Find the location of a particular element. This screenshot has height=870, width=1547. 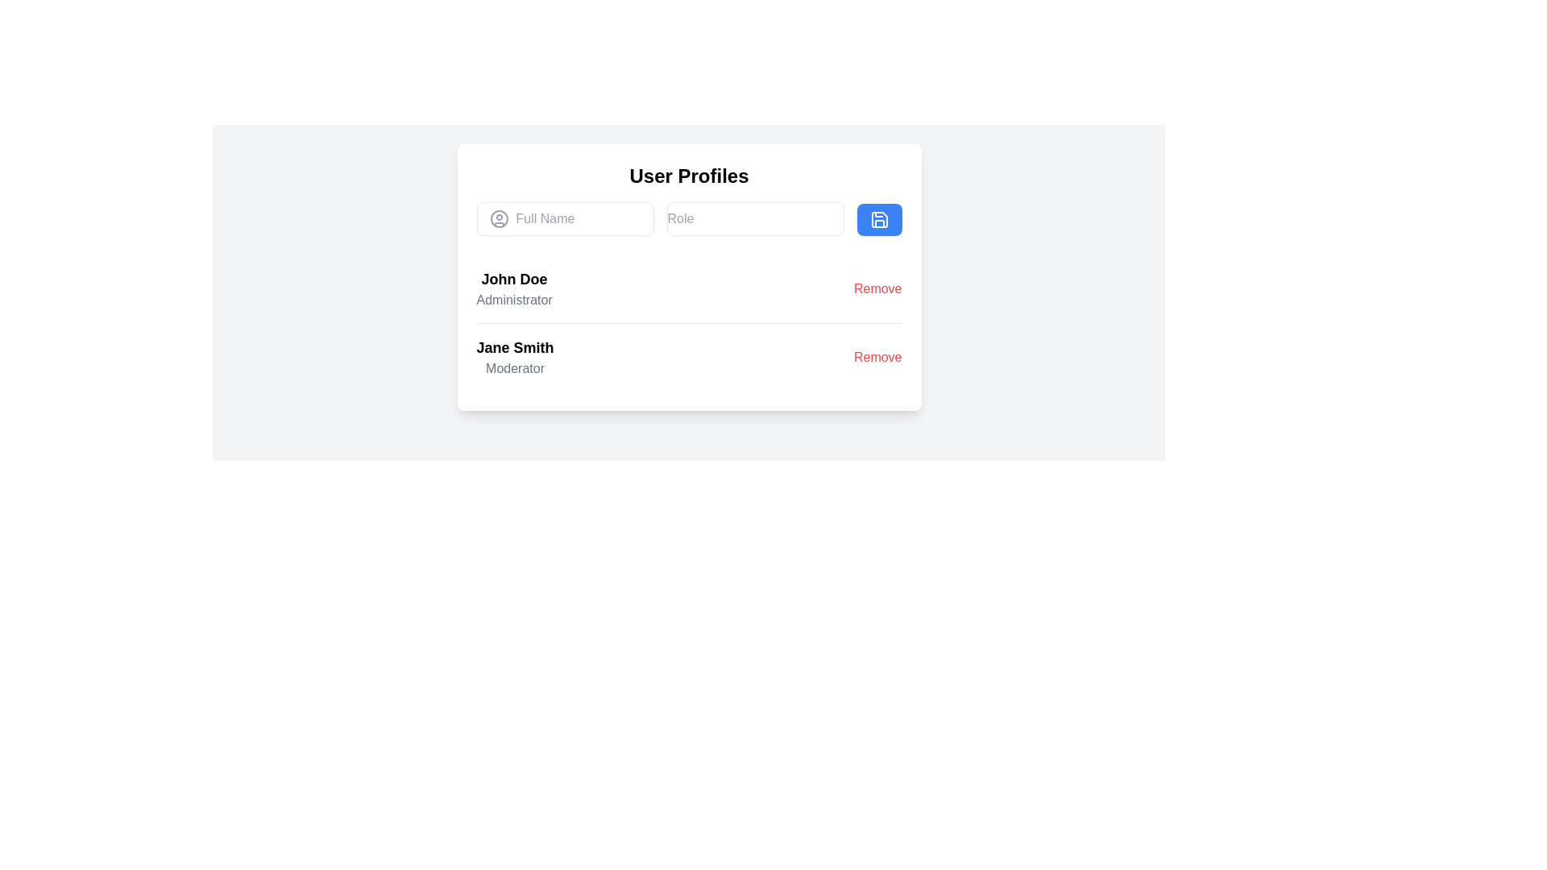

the Decorative icon, which is a circular gray icon resembling a user's profile picture, located in the 'Full Name' input field at the top of the user profile section is located at coordinates (498, 219).